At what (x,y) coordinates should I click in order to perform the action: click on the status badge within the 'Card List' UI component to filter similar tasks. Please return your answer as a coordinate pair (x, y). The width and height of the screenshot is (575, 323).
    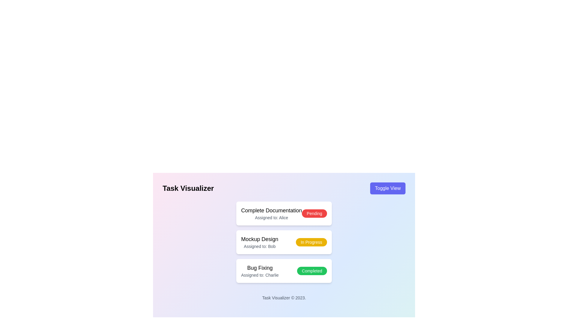
    Looking at the image, I should click on (284, 241).